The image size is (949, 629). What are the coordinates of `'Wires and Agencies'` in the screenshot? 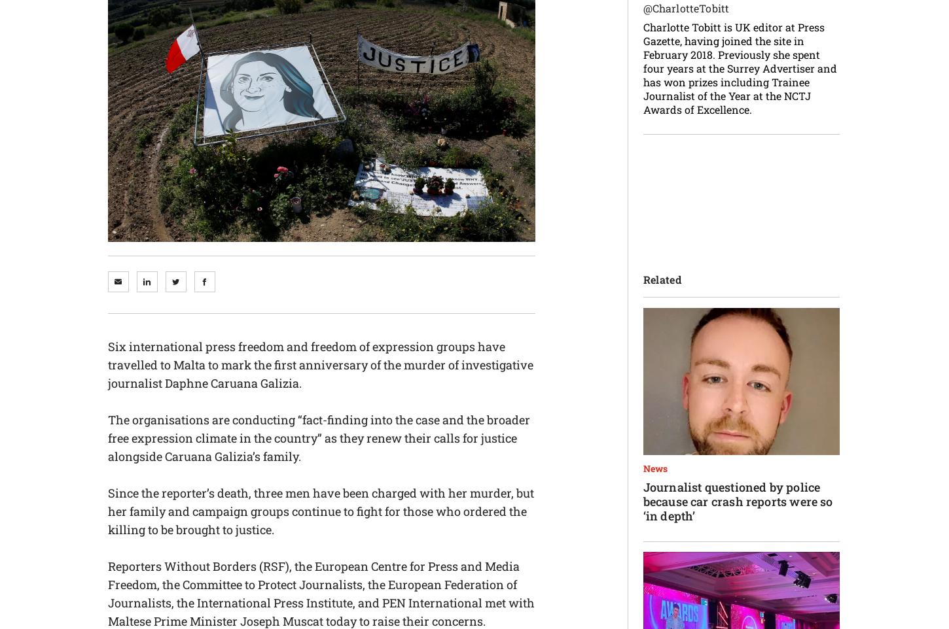 It's located at (553, 48).